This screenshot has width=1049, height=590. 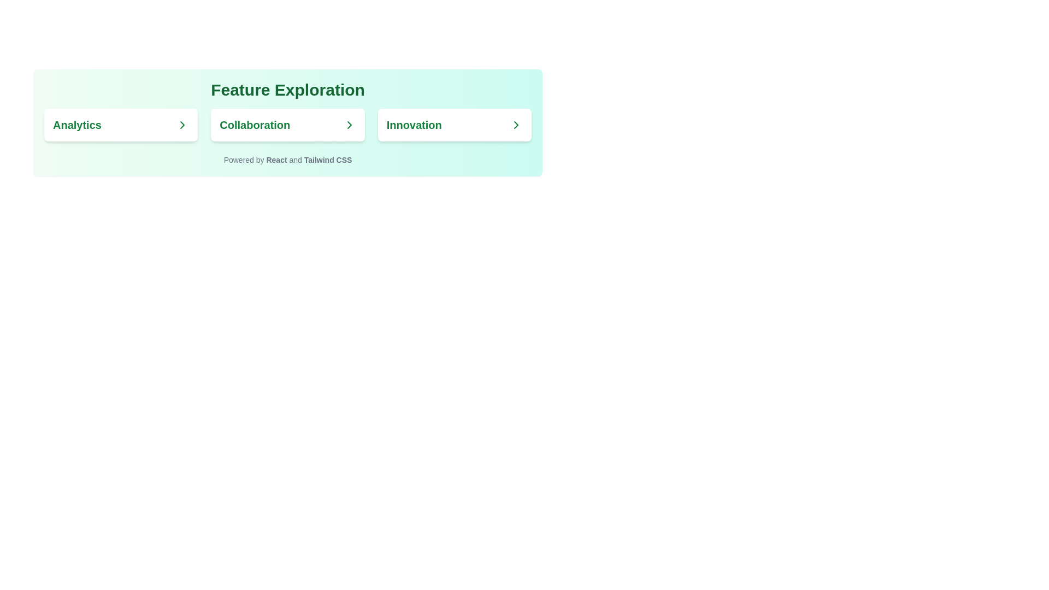 I want to click on the bolded text label 'React' located centrally in the footer section, below the feature selection buttons, so click(x=276, y=160).